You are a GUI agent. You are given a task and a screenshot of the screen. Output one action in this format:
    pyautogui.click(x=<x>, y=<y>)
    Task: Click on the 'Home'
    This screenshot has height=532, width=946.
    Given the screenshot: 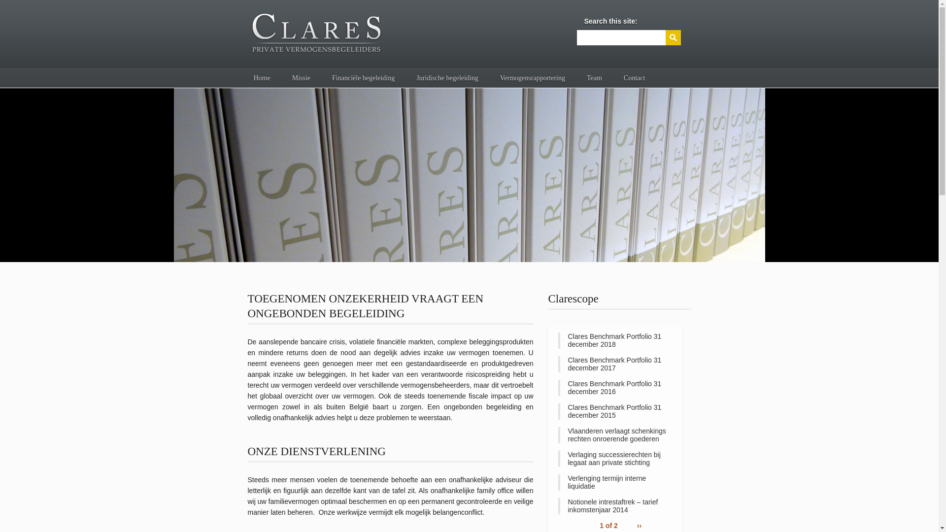 What is the action you would take?
    pyautogui.click(x=262, y=77)
    